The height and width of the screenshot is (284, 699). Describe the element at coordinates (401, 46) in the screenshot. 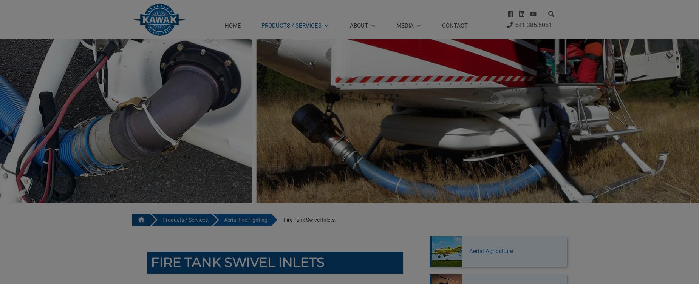

I see `'Press'` at that location.